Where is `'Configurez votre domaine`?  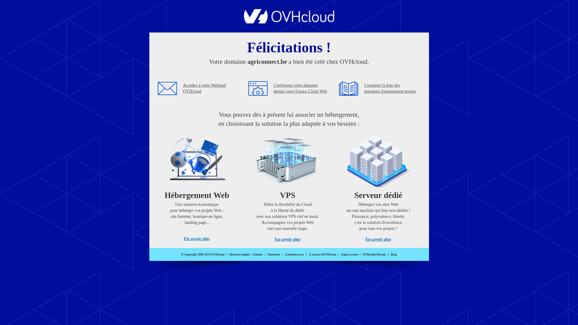 'Configurez votre domaine is located at coordinates (300, 88).